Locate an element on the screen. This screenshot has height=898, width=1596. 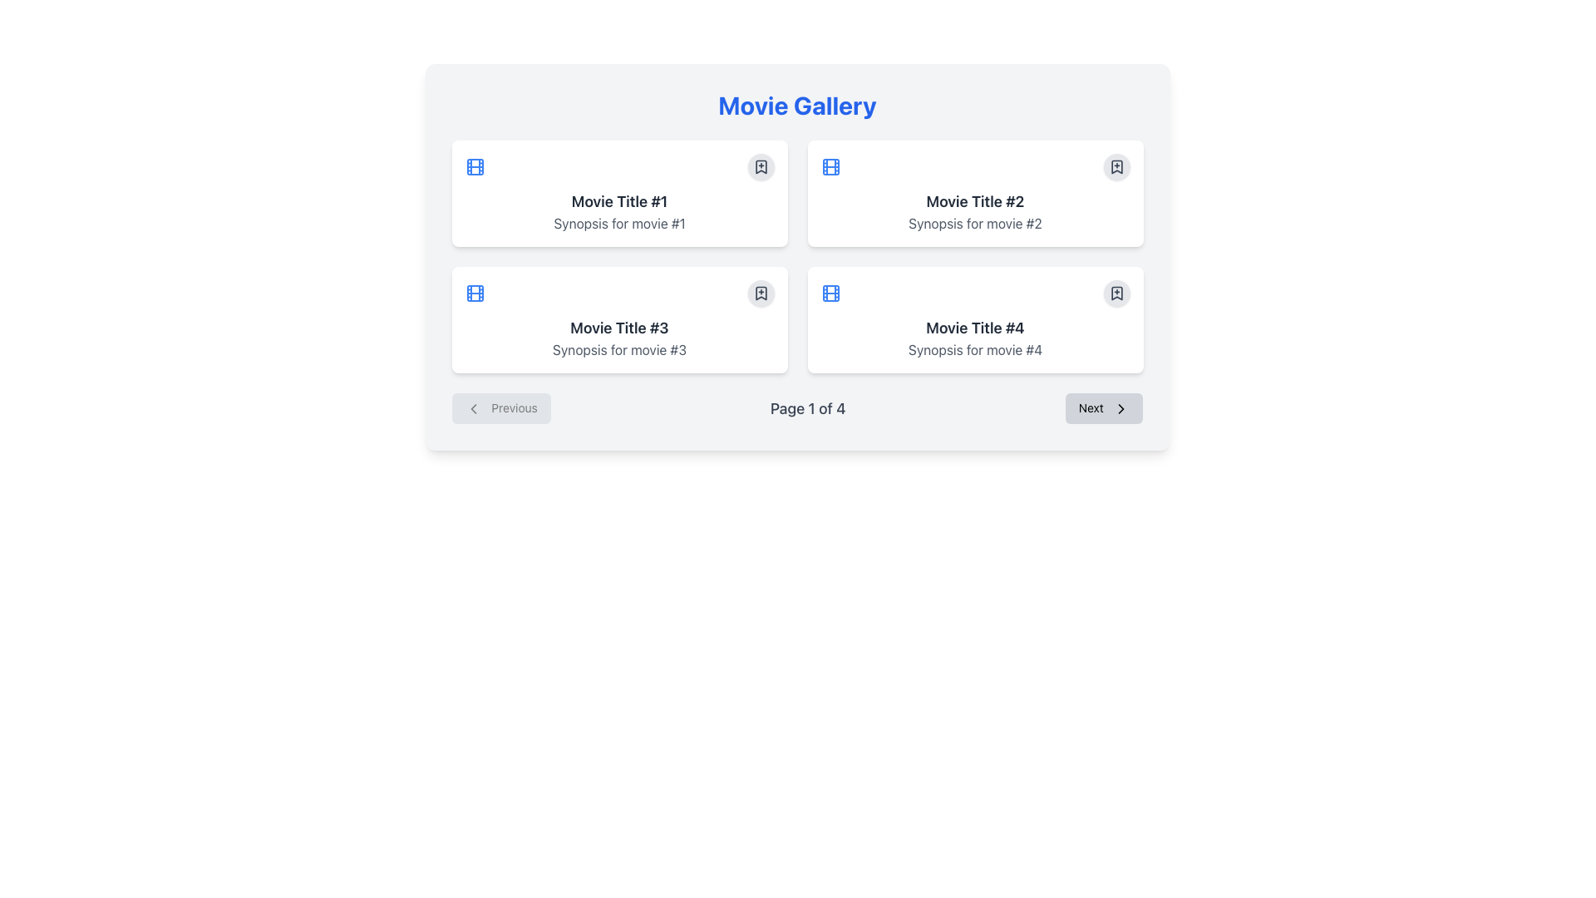
the pagination label indicating the current page and total pages, located below the movie grid layout, centrally positioned between the 'Previous' and 'Next' buttons is located at coordinates (808, 408).